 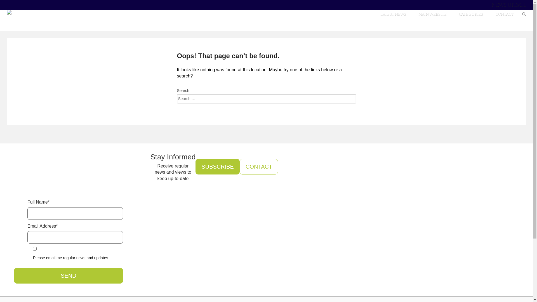 What do you see at coordinates (68, 275) in the screenshot?
I see `'Send'` at bounding box center [68, 275].